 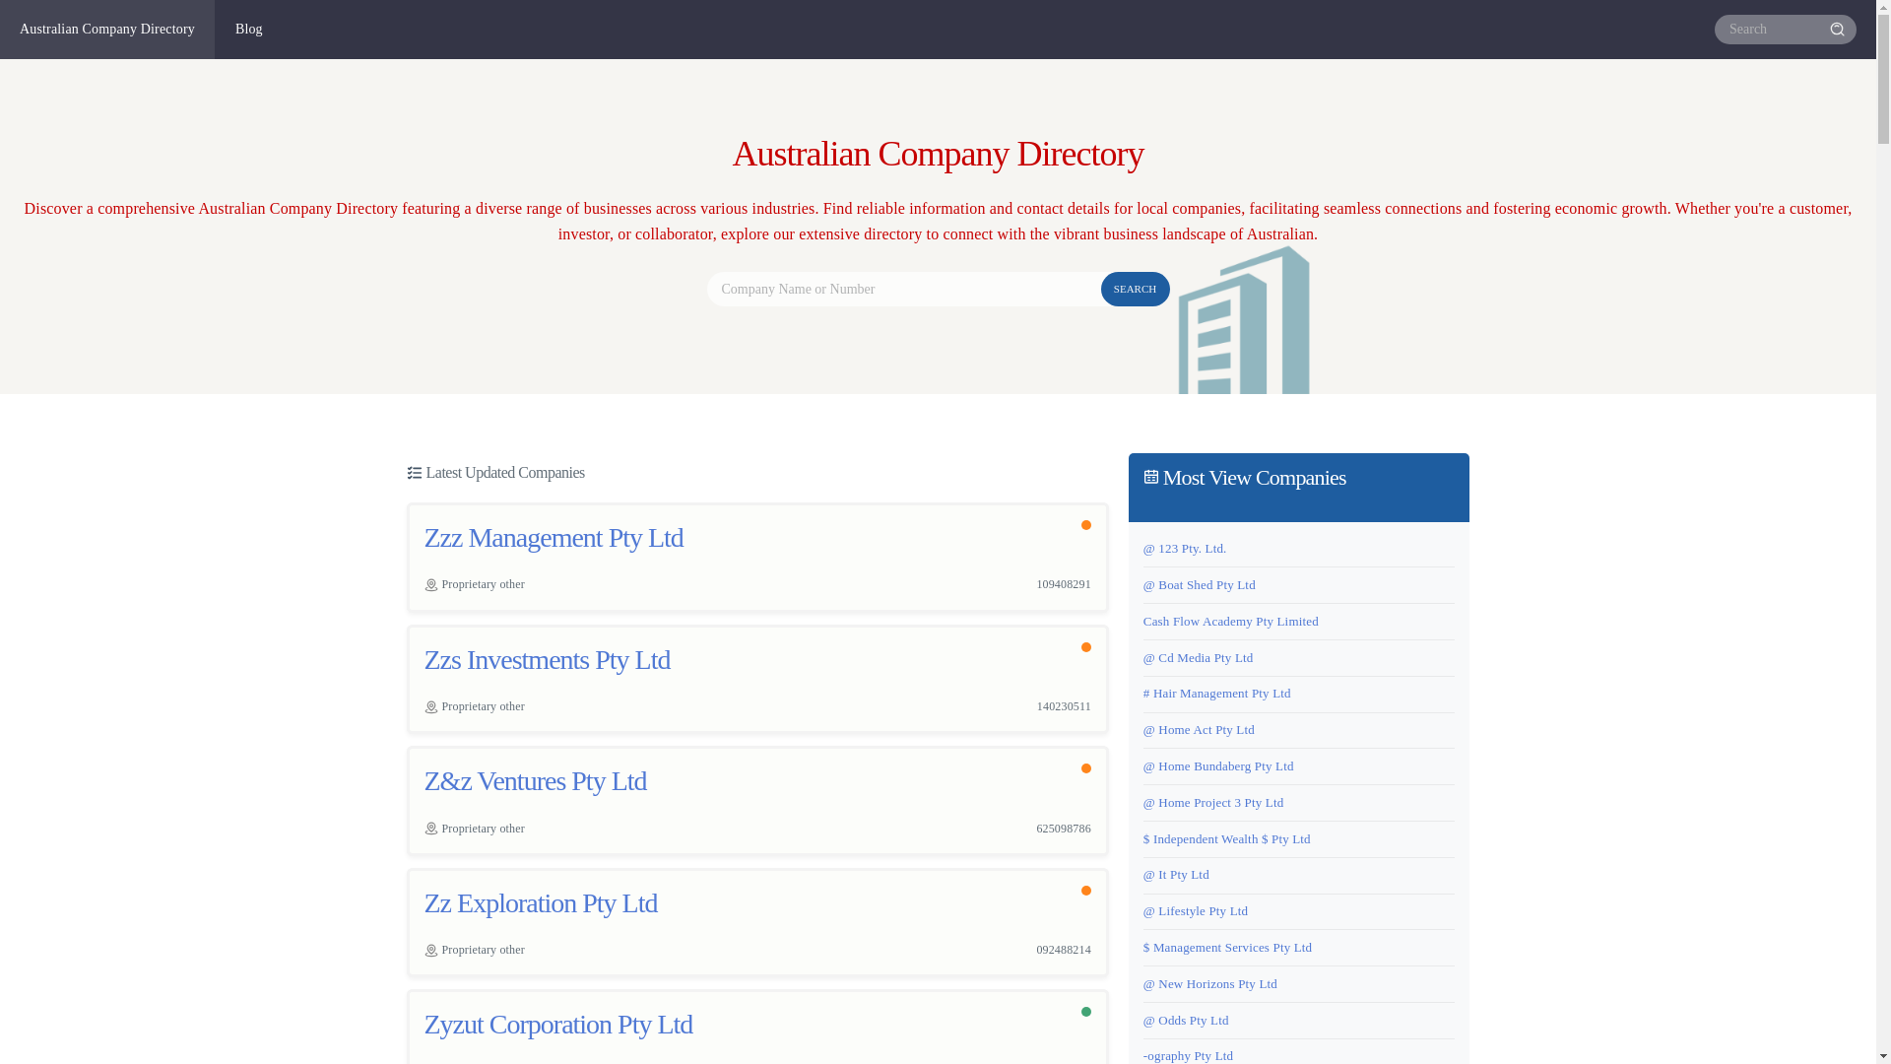 I want to click on '$ Management Services Pty Ltd', so click(x=1226, y=946).